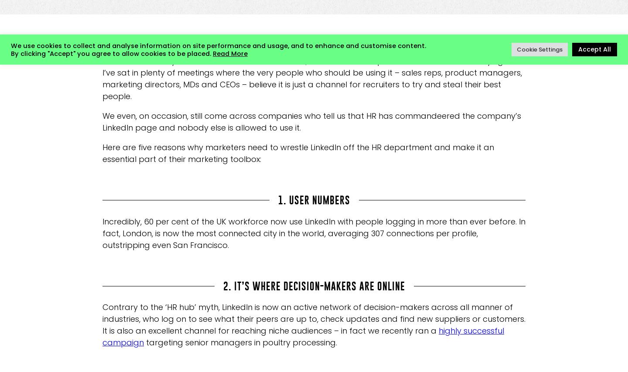 The width and height of the screenshot is (628, 372). Describe the element at coordinates (218, 49) in the screenshot. I see `'We use cookies to collect and analyse information on site performance and usage, and to enhance and customise content. By clicking "Accept" you agree to allow cookies to be placed.'` at that location.